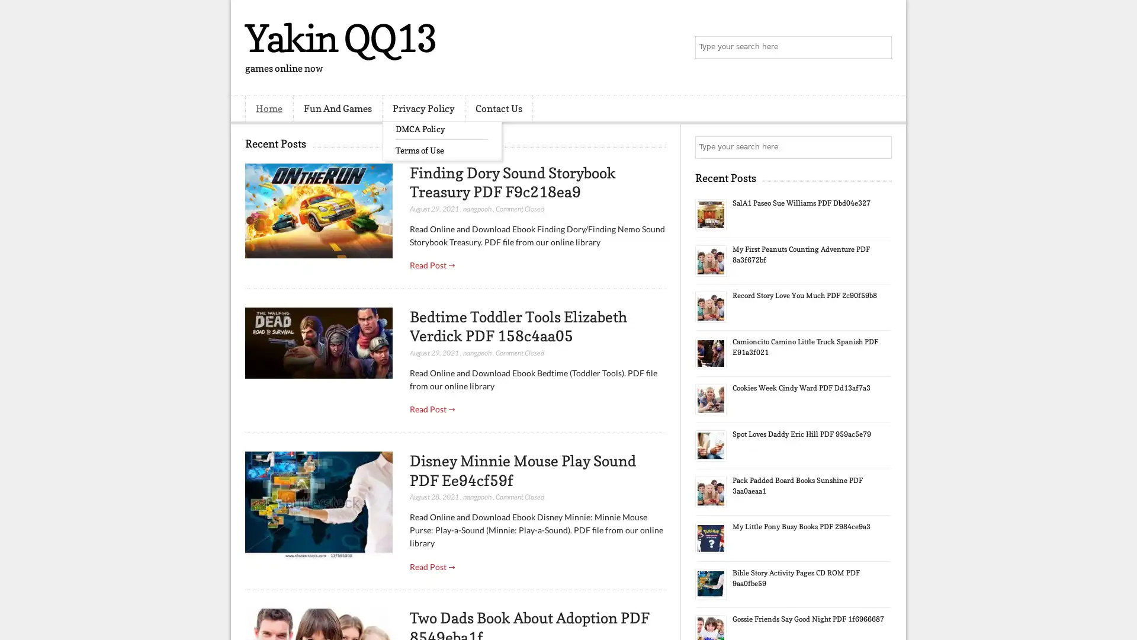 The image size is (1137, 640). Describe the element at coordinates (879, 147) in the screenshot. I see `Search` at that location.